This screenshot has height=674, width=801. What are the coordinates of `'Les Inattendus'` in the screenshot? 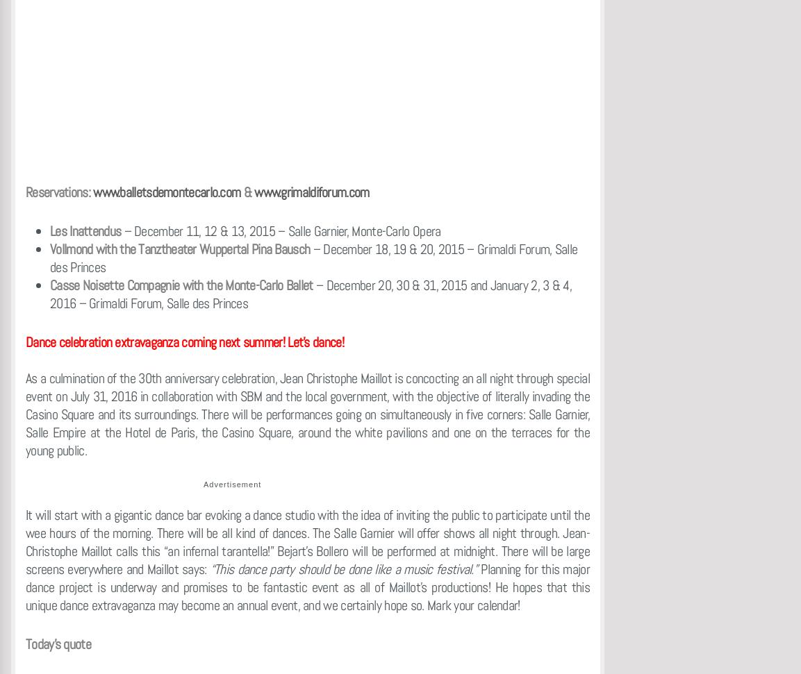 It's located at (49, 230).